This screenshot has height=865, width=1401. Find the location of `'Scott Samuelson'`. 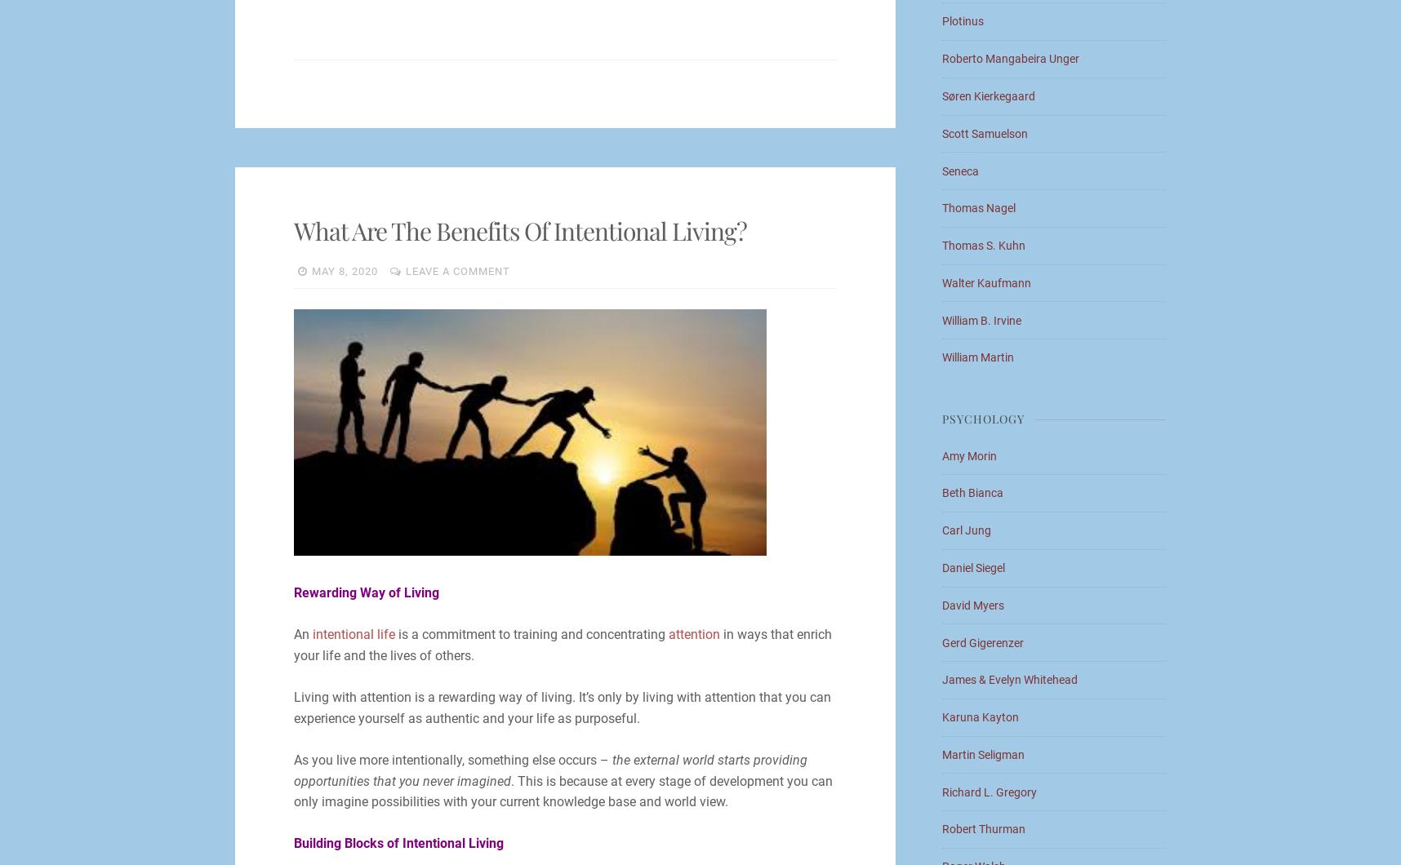

'Scott Samuelson' is located at coordinates (985, 132).